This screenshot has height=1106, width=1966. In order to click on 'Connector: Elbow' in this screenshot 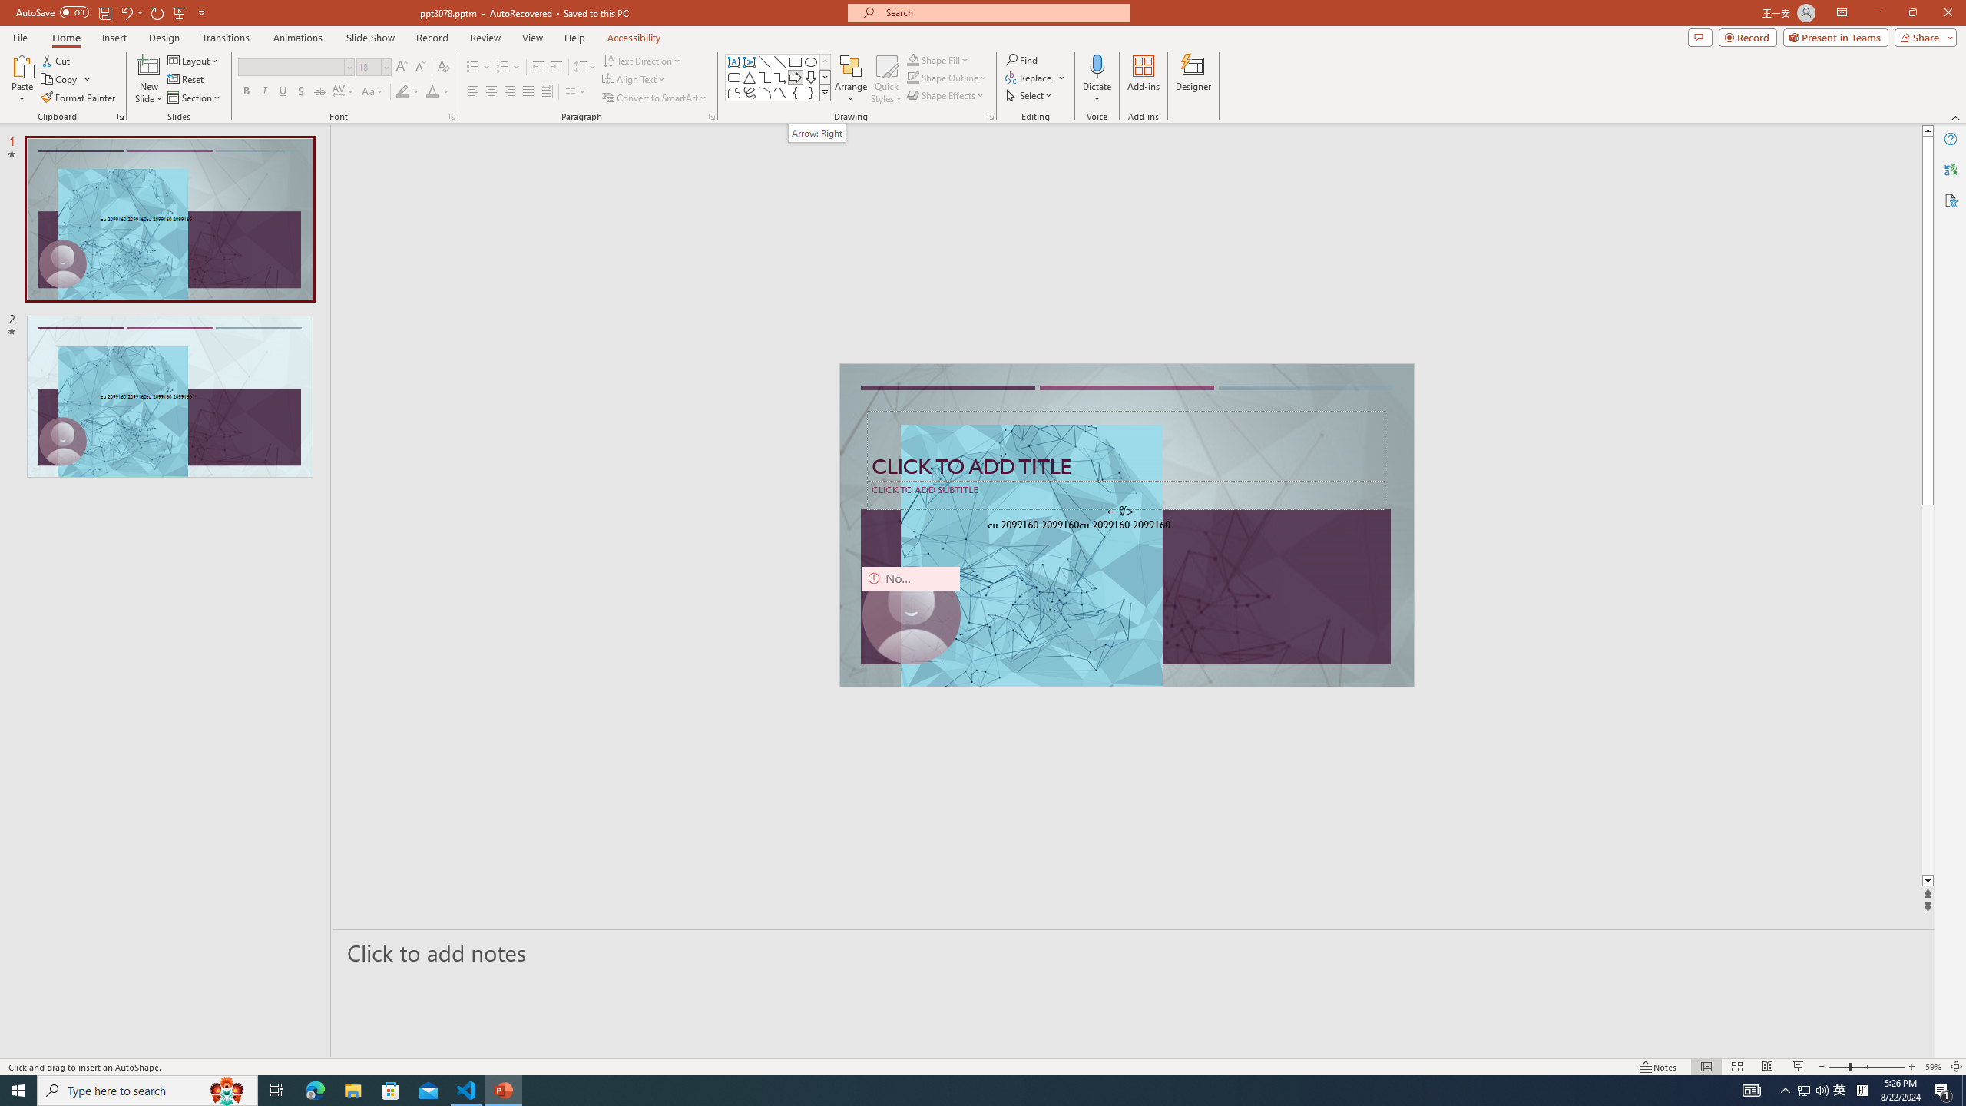, I will do `click(763, 76)`.